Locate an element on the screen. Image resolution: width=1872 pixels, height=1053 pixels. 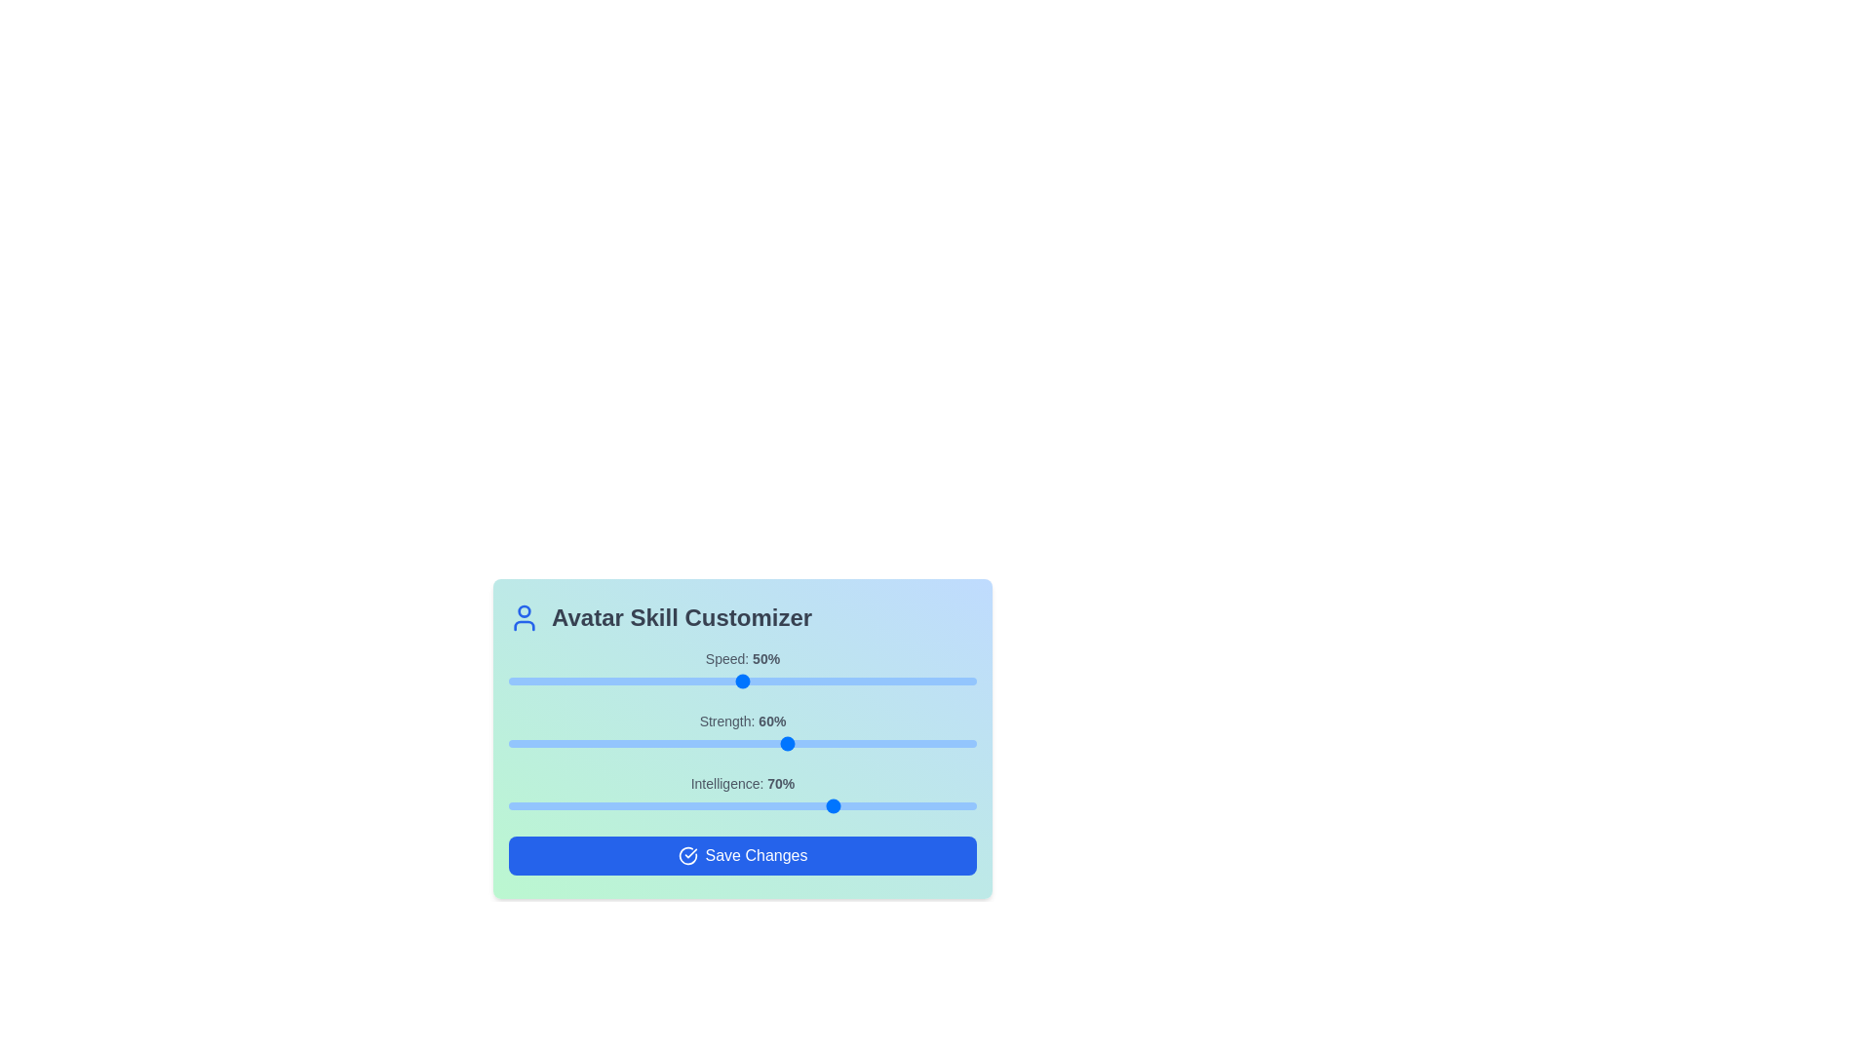
the sliders in the 'Avatar Skill Customizer' card-style component, which has a gradient background and contains the sliders for 'Speed', 'Strength', and 'Intelligence' is located at coordinates (742, 739).